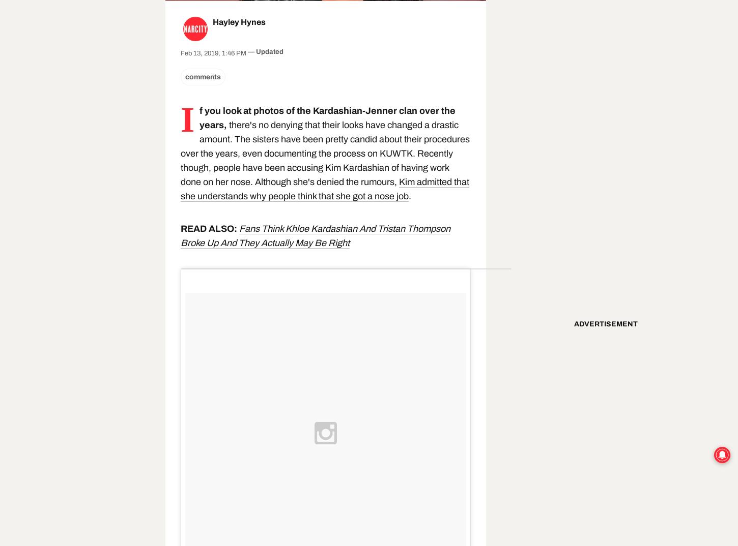 The height and width of the screenshot is (546, 738). Describe the element at coordinates (315, 235) in the screenshot. I see `'Fans Think Khloe Kardashian And Tristan Thompson Broke Up And They Actually May Be Right'` at that location.